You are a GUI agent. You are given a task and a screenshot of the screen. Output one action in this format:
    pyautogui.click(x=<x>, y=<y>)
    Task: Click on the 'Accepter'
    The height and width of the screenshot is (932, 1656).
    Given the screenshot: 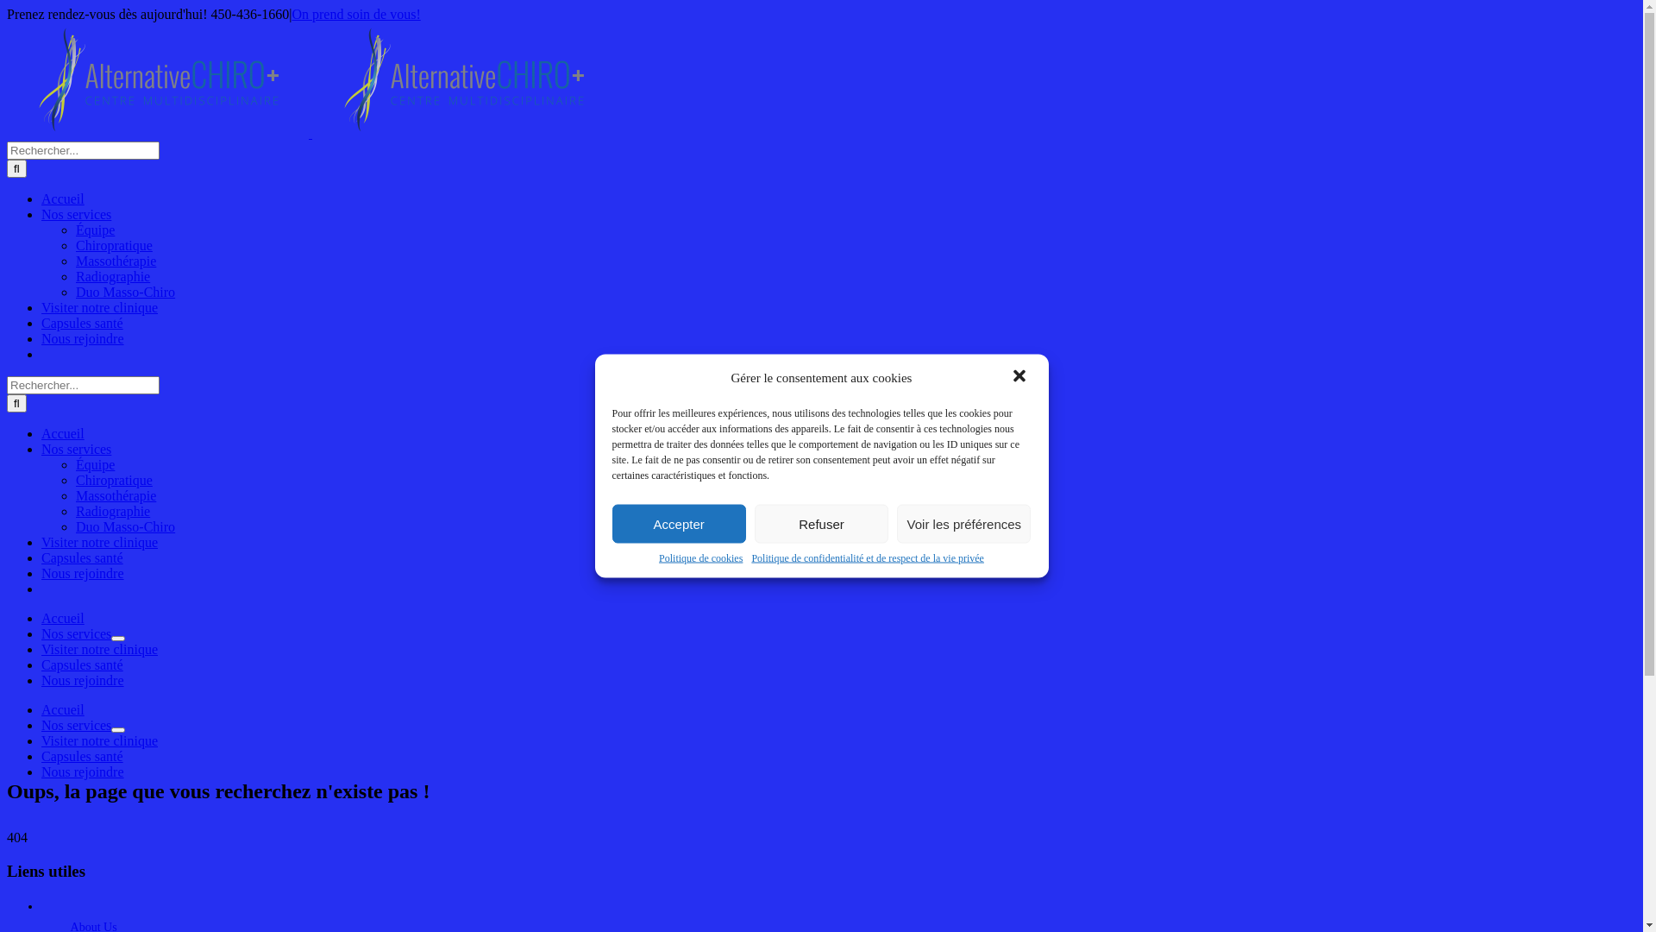 What is the action you would take?
    pyautogui.click(x=678, y=522)
    